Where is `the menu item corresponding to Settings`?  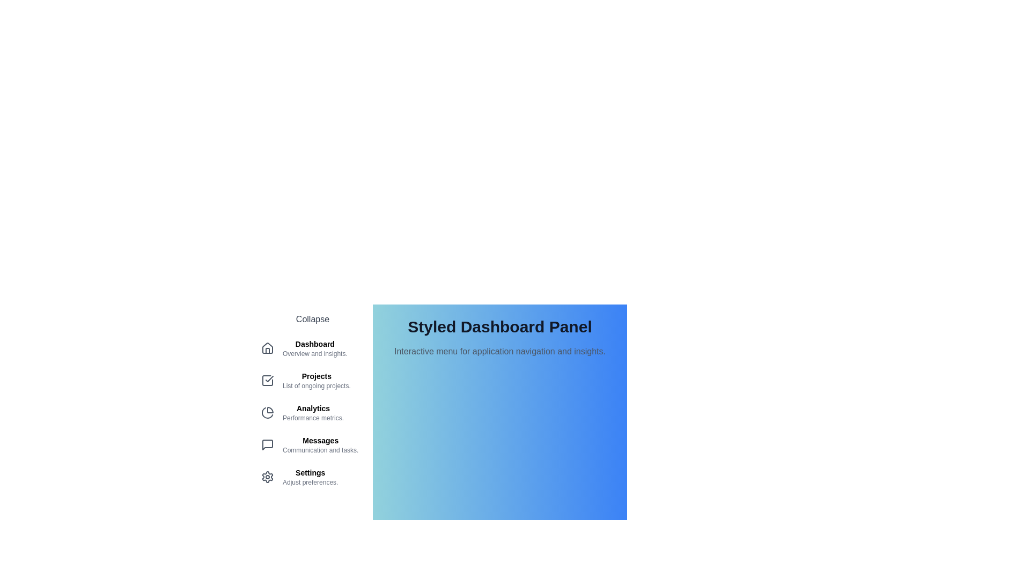 the menu item corresponding to Settings is located at coordinates (312, 477).